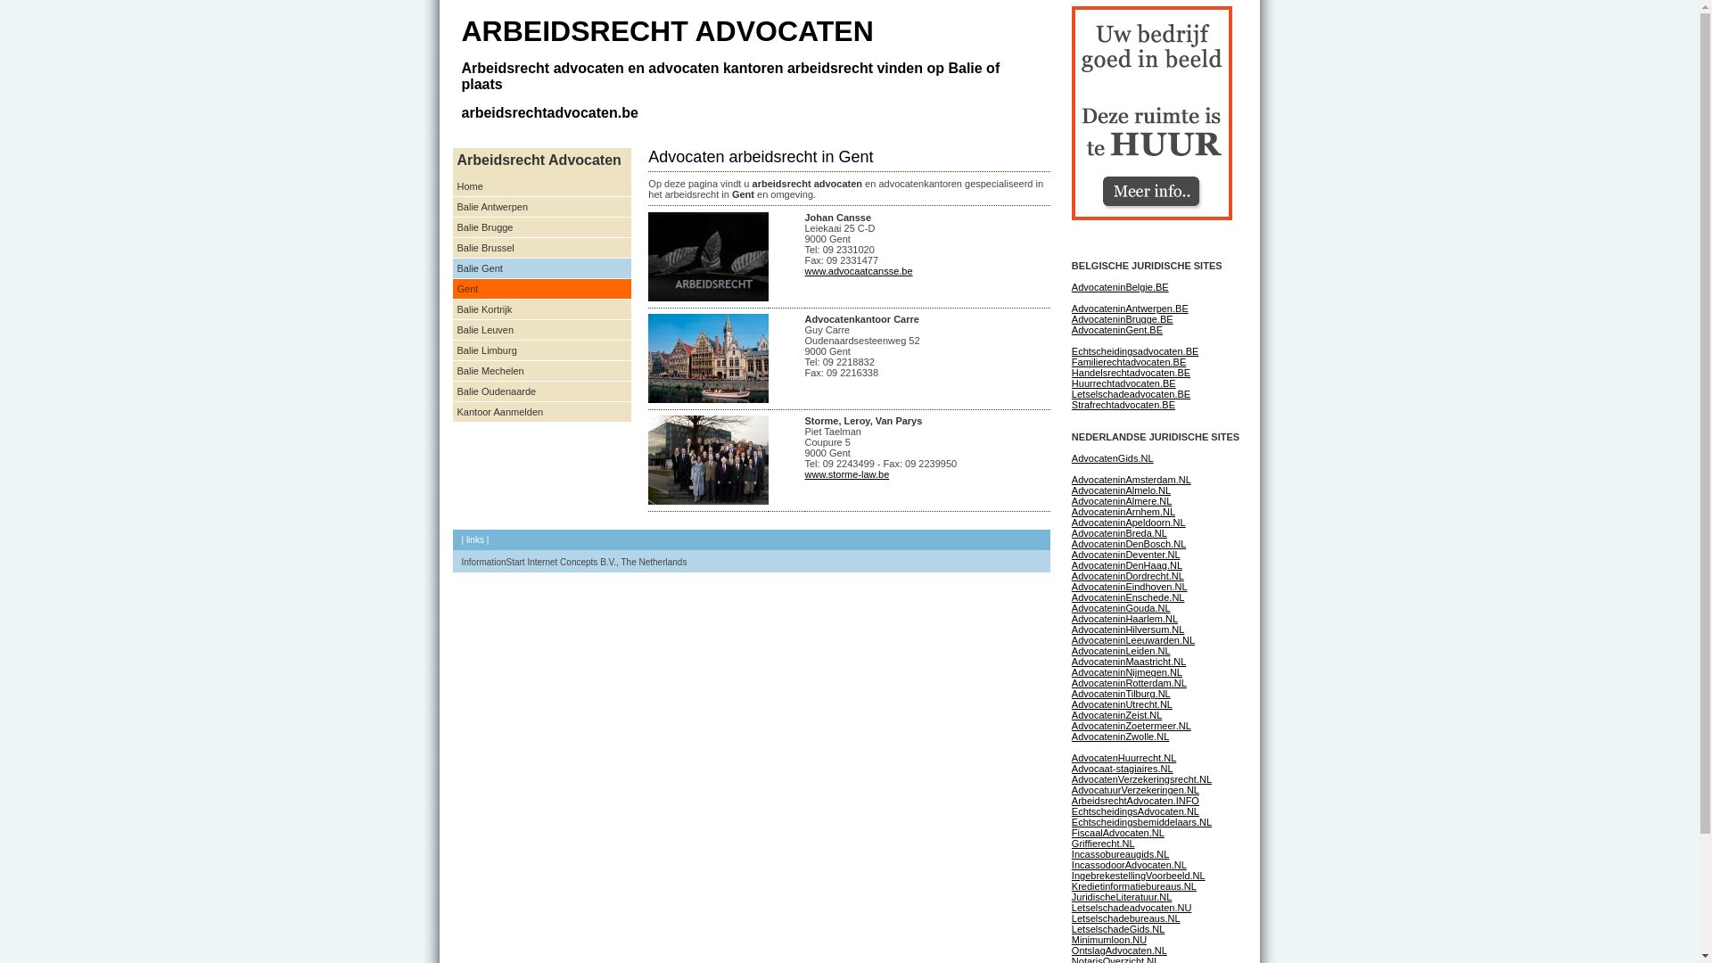  I want to click on 'Griffierecht.NL', so click(1102, 843).